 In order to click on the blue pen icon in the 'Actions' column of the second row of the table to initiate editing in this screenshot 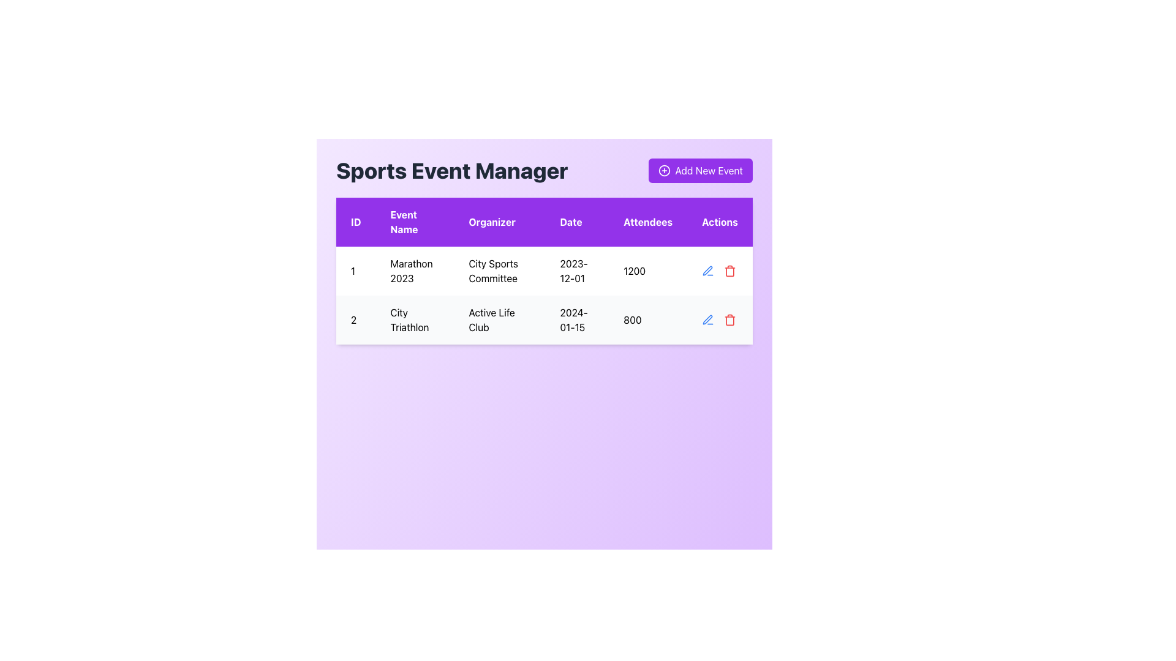, I will do `click(707, 270)`.